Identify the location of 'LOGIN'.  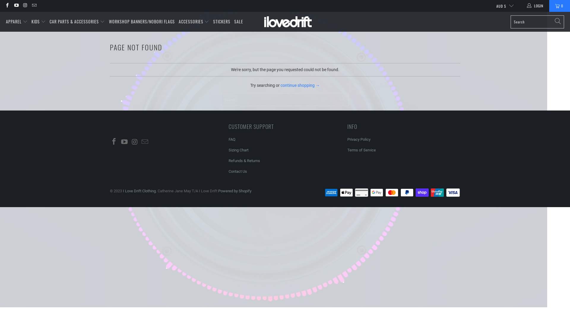
(536, 6).